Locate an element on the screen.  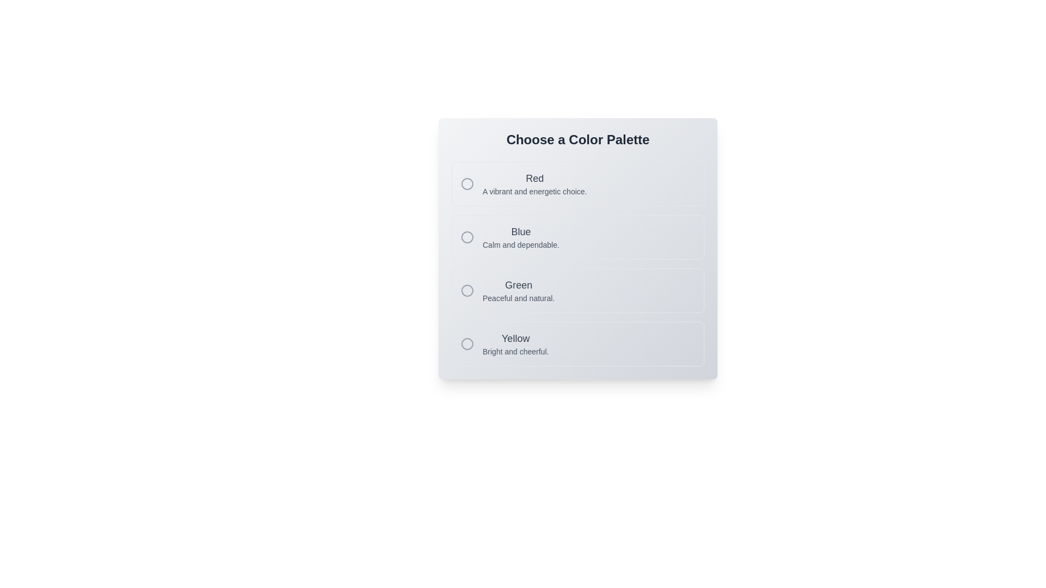
the radio button for the 'Green' option located is located at coordinates (467, 290).